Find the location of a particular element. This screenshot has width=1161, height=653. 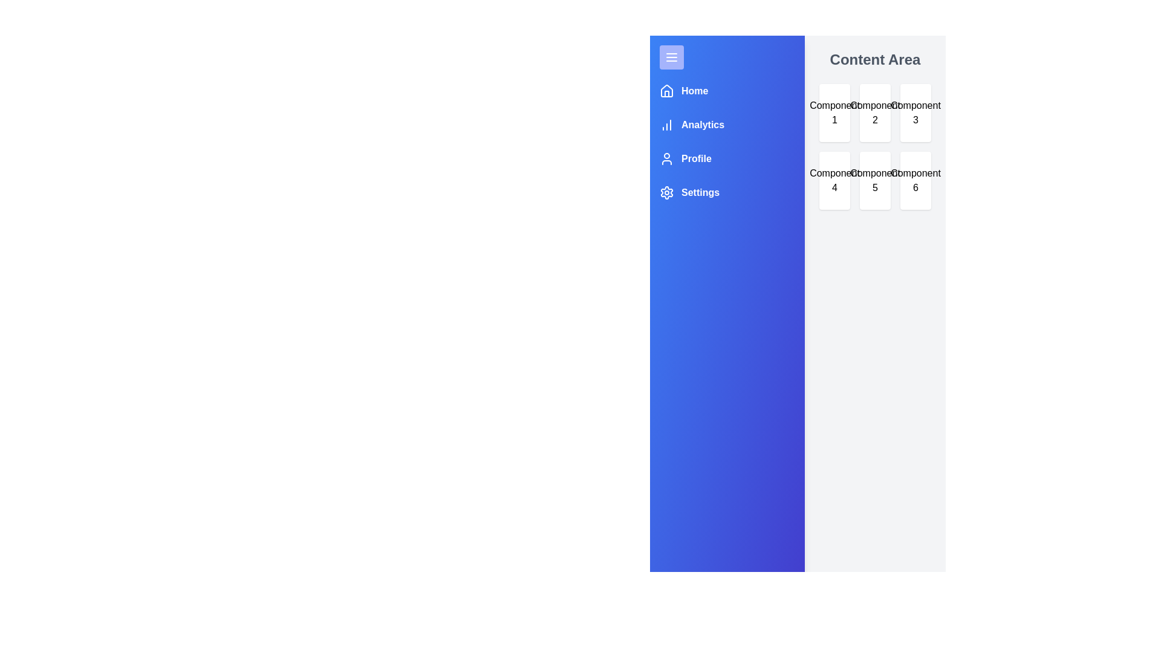

the menu item Analytics to view its tooltip is located at coordinates (692, 125).